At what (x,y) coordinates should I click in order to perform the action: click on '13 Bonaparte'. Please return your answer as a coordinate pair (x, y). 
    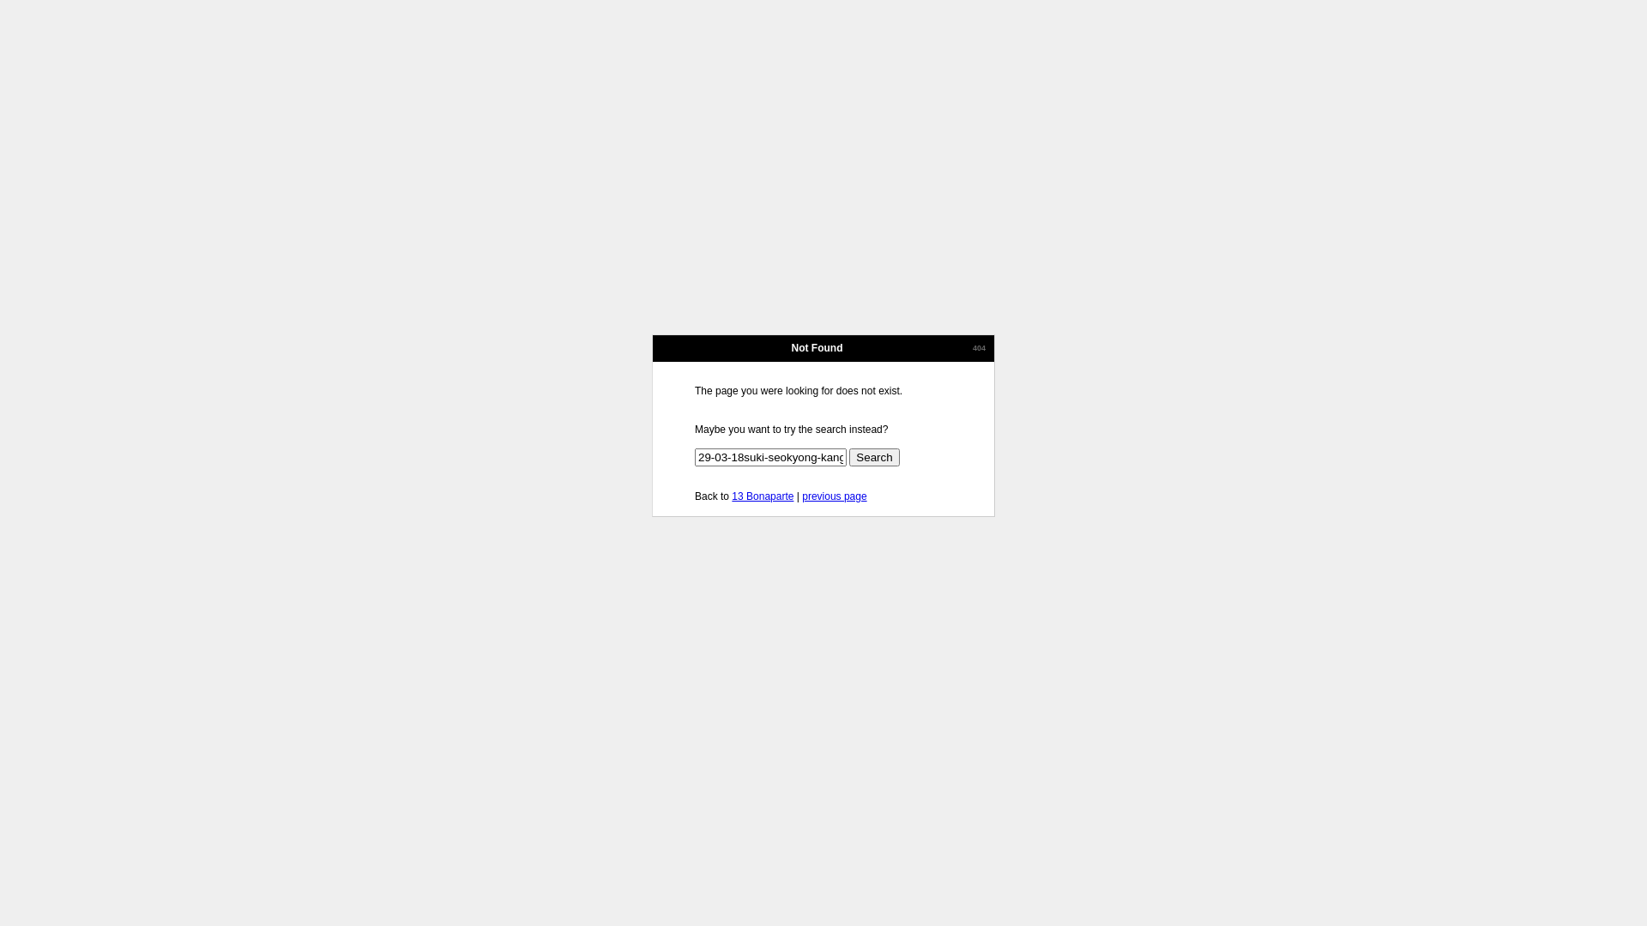
    Looking at the image, I should click on (761, 496).